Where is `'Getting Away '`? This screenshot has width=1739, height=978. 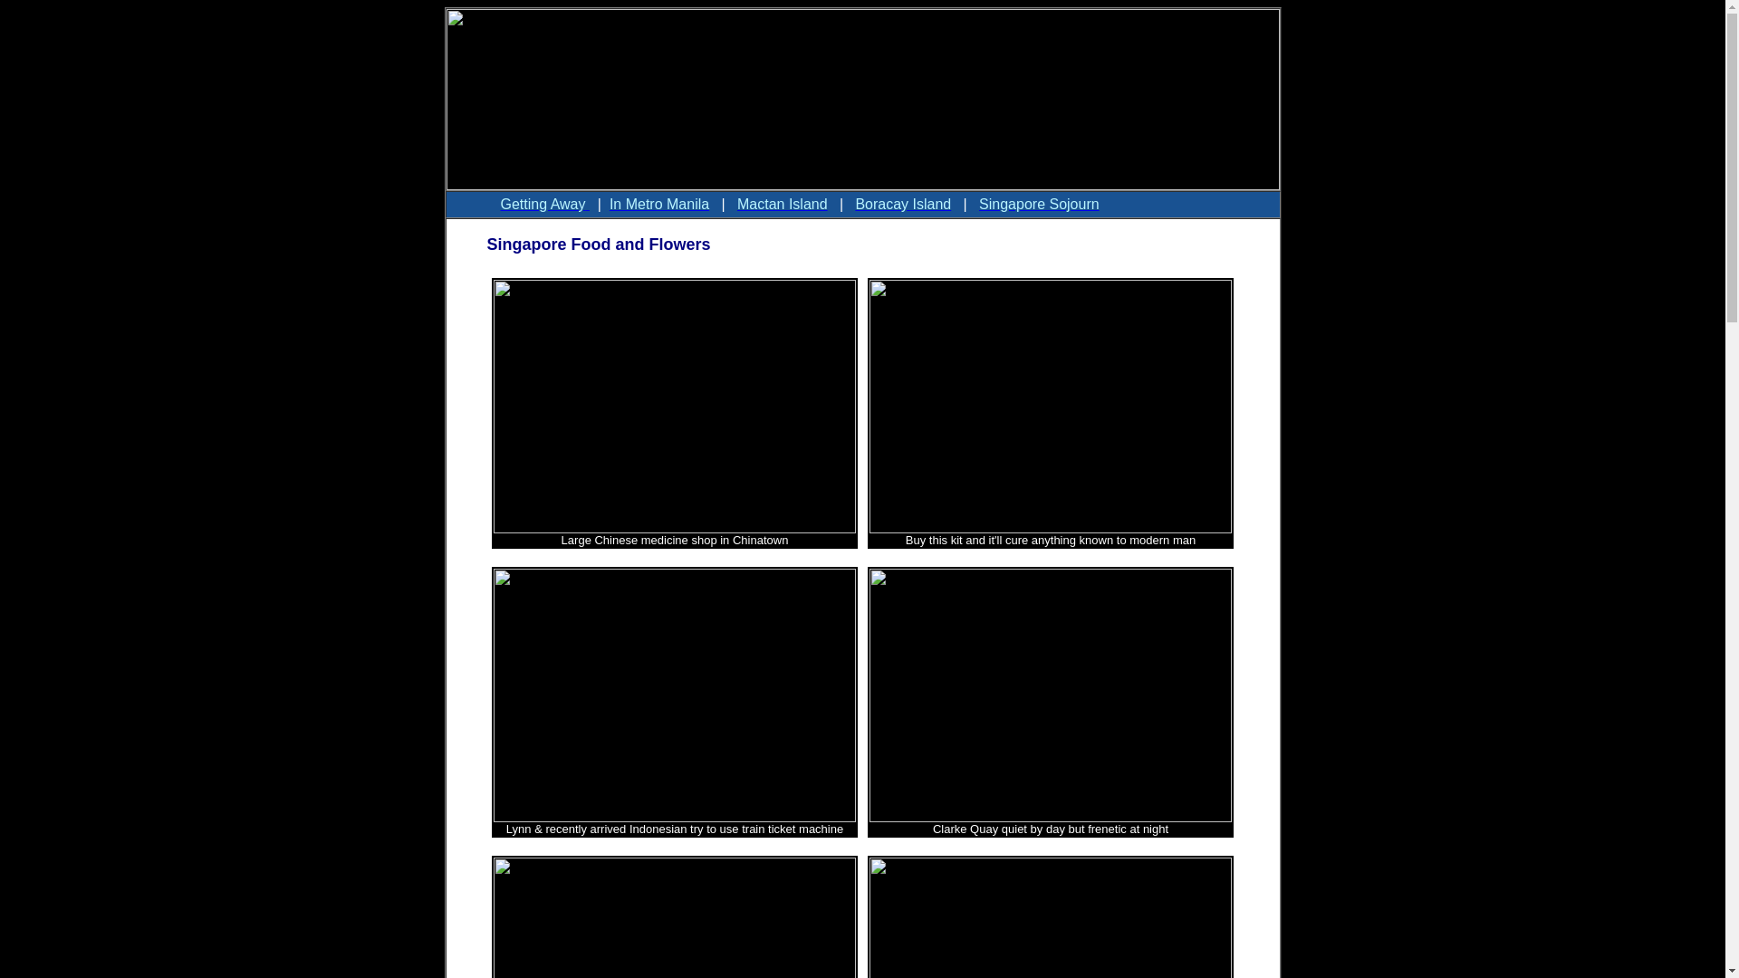 'Getting Away ' is located at coordinates (543, 204).